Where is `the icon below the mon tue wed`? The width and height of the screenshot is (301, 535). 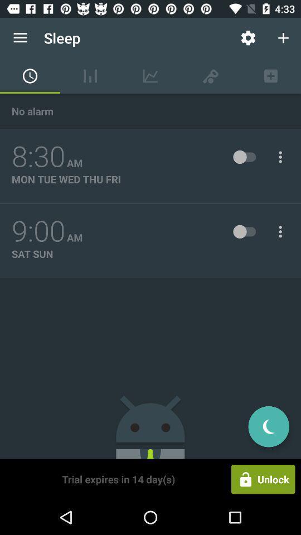 the icon below the mon tue wed is located at coordinates (38, 231).